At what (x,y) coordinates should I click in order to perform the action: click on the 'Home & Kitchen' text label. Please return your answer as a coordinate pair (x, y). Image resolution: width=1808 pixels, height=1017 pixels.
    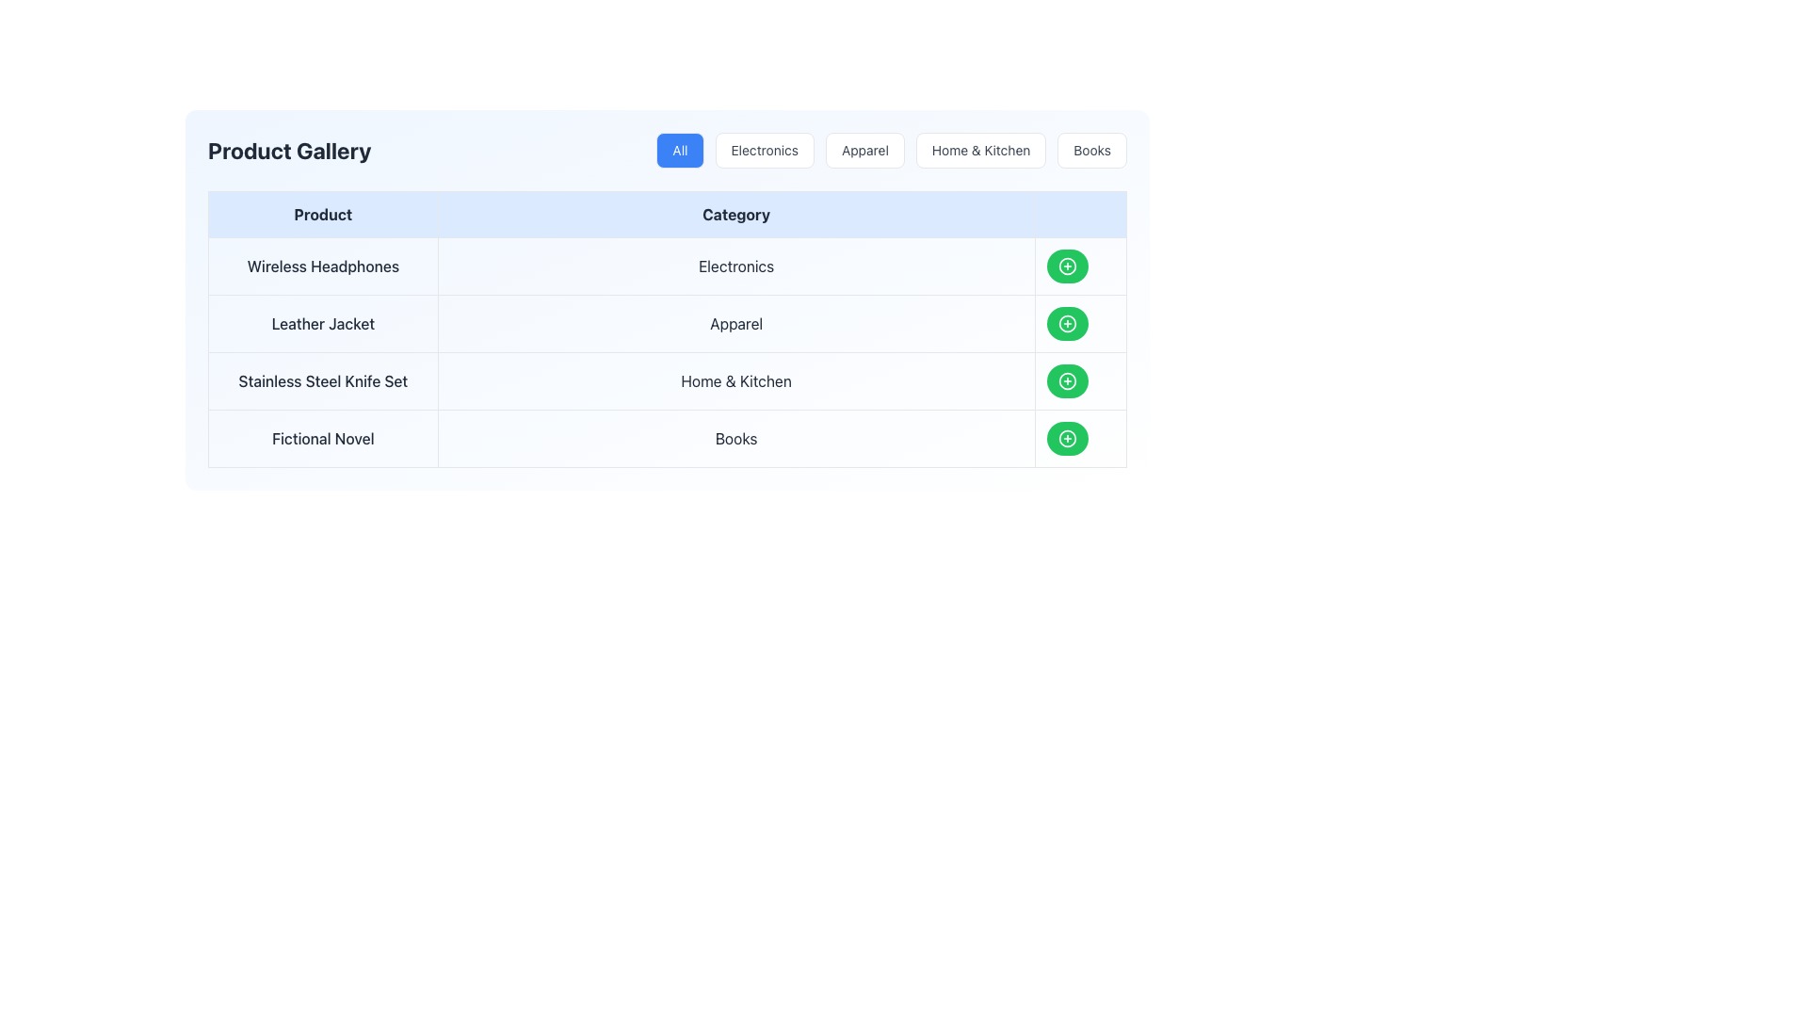
    Looking at the image, I should click on (735, 381).